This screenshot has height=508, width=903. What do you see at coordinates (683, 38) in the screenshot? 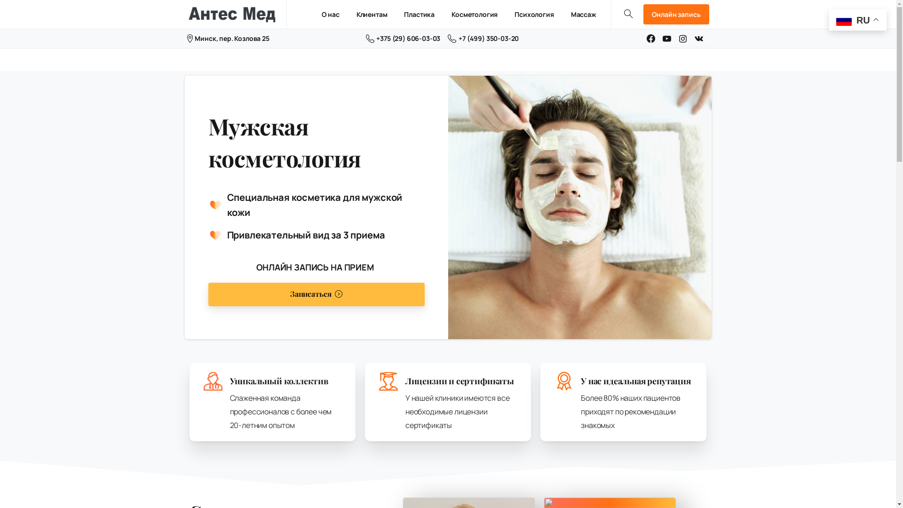
I see `'instagram'` at bounding box center [683, 38].